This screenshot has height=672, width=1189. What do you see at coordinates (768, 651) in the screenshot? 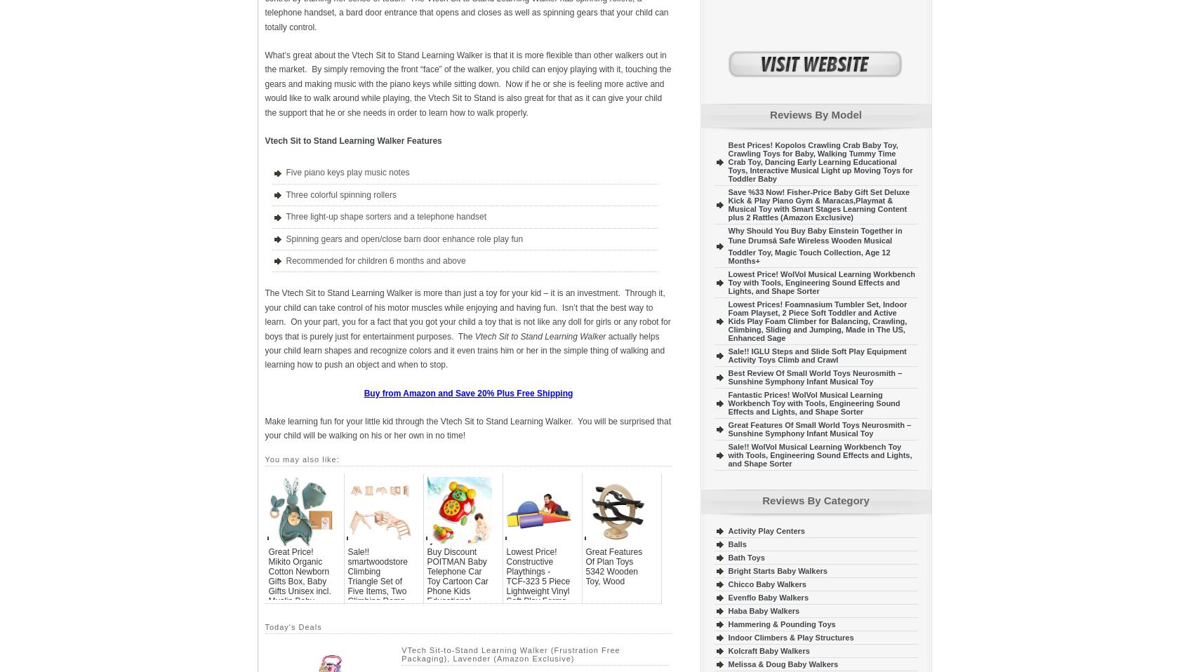
I see `'Kolcraft Baby Walkers'` at bounding box center [768, 651].